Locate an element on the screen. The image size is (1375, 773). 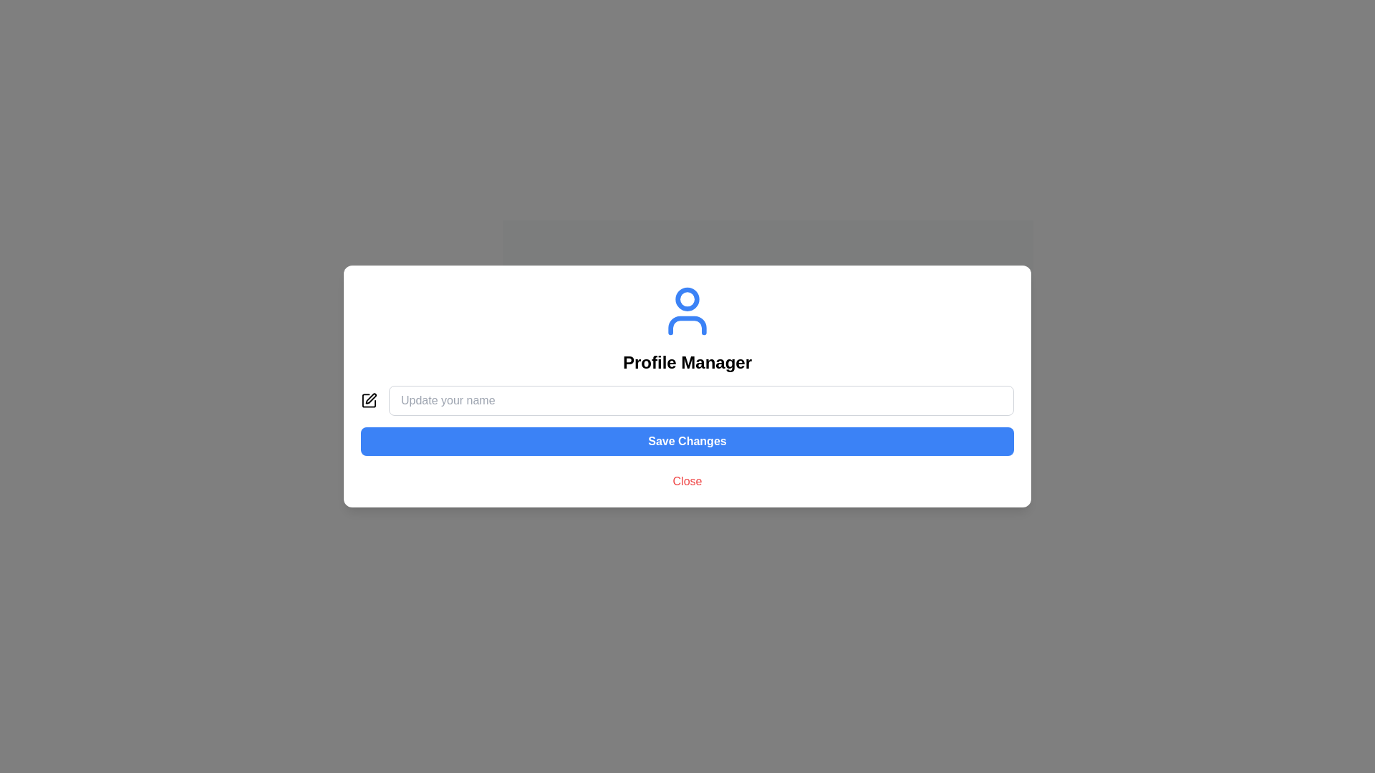
the 'Save Changes' button with a blue background and white text located in the lower part of the 'Profile Manager' modal is located at coordinates (687, 419).